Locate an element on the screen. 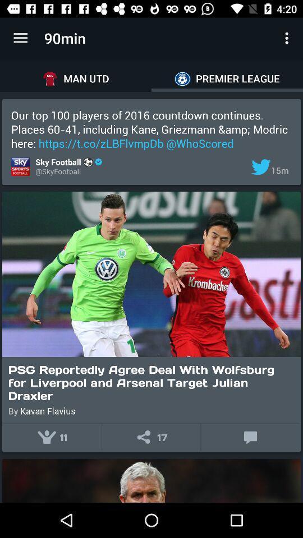 The image size is (303, 538). our top 100 icon is located at coordinates (151, 129).